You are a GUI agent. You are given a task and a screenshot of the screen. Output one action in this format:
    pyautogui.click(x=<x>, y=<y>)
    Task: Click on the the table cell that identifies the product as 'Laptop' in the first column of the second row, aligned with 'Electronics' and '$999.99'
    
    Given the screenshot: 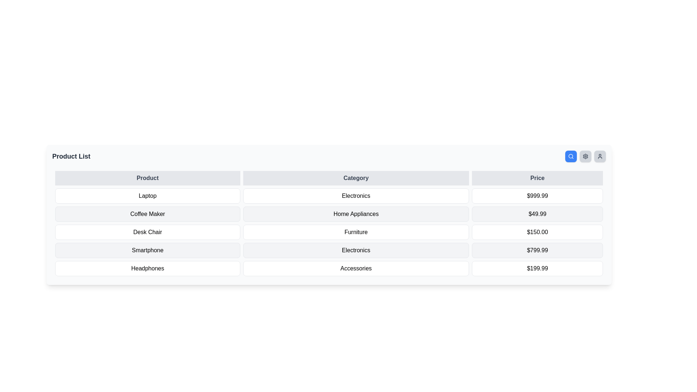 What is the action you would take?
    pyautogui.click(x=147, y=196)
    